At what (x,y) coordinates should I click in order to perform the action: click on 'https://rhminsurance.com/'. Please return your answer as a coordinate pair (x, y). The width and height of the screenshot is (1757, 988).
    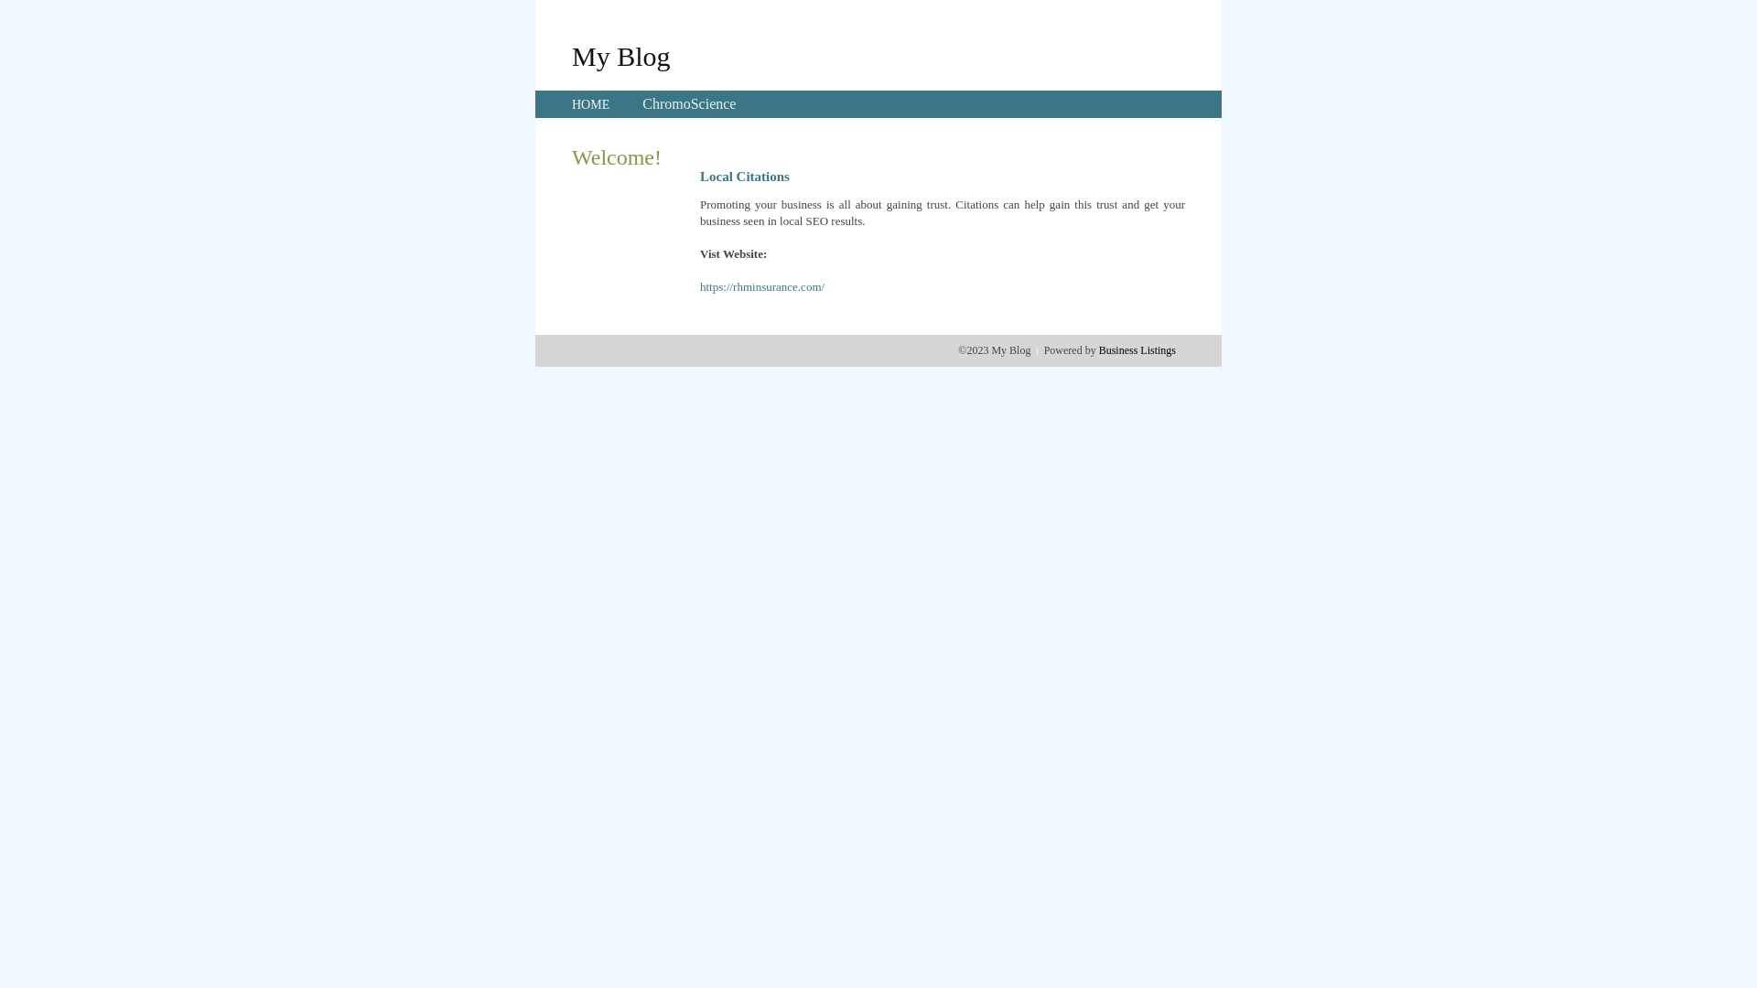
    Looking at the image, I should click on (762, 286).